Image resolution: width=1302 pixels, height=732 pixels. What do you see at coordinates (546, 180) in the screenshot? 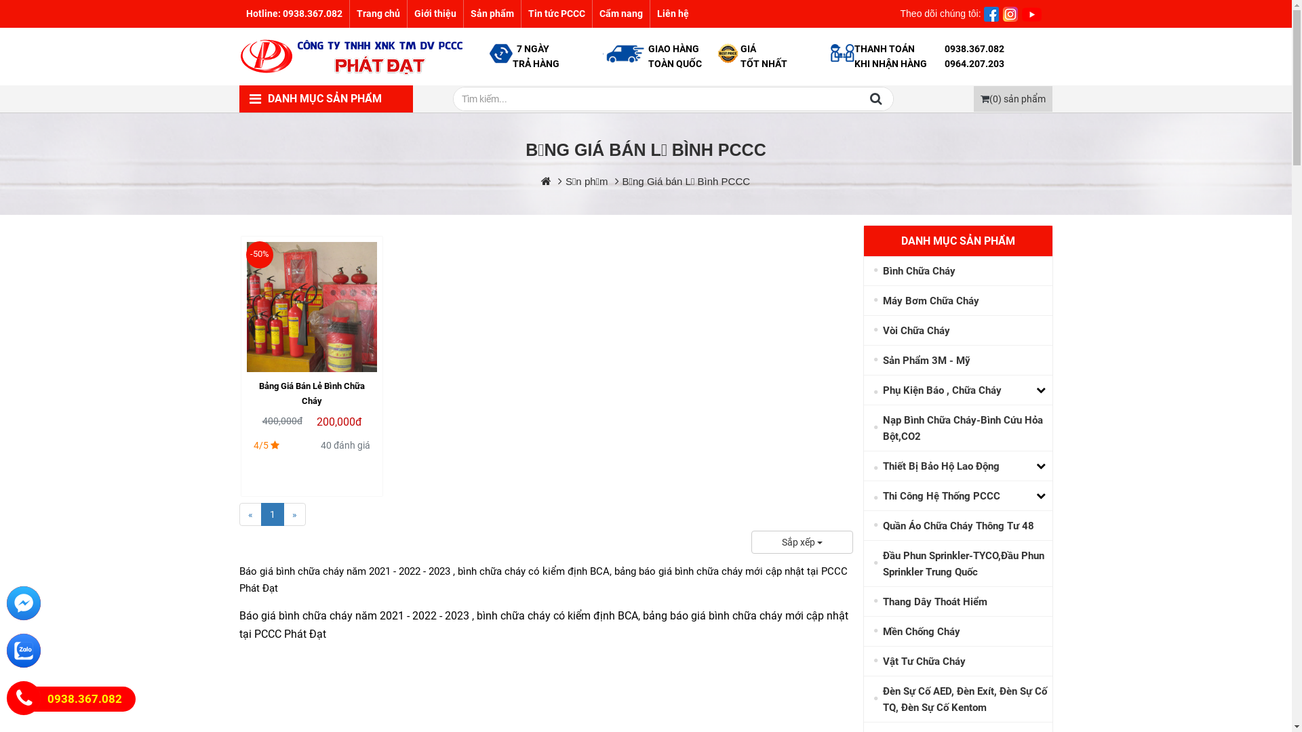
I see `'https://114pccc.com/'` at bounding box center [546, 180].